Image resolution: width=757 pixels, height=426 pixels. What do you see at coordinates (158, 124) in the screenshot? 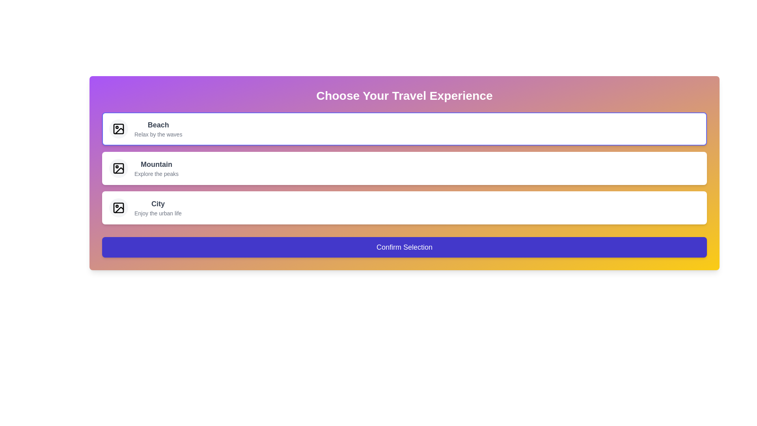
I see `the text label displaying 'Beach' in bold gray font, which is the first option in the list of travel destinations` at bounding box center [158, 124].